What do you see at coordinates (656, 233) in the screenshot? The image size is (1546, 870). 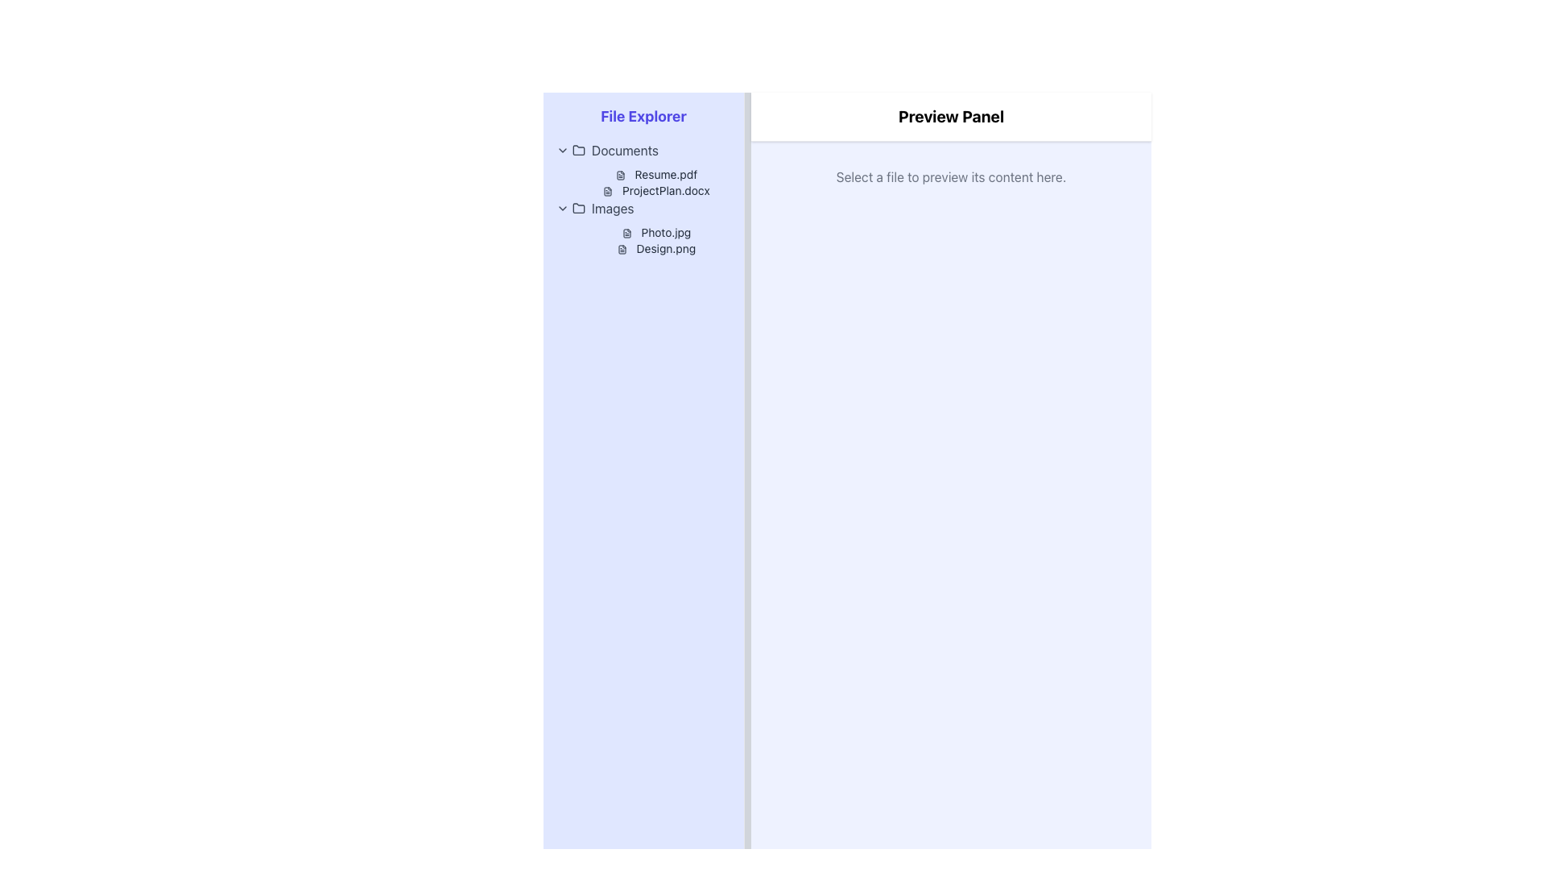 I see `the text label representing the file 'Photo.jpg' to change its color` at bounding box center [656, 233].